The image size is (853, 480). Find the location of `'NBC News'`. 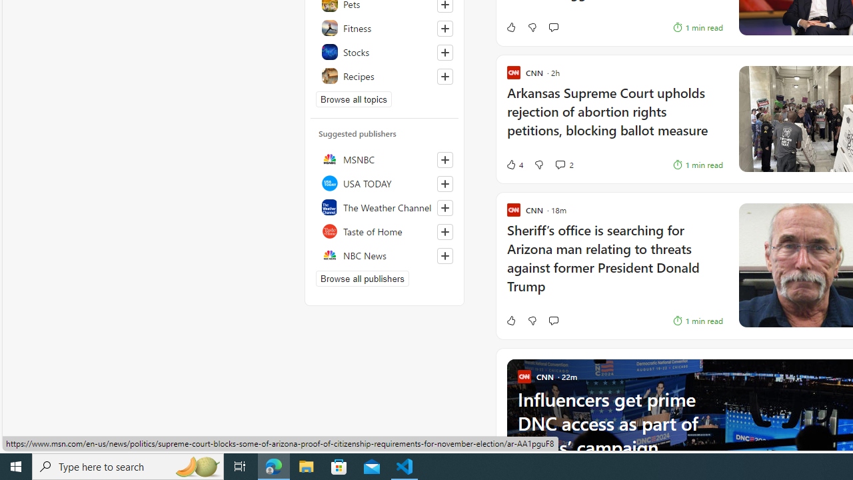

'NBC News' is located at coordinates (384, 255).